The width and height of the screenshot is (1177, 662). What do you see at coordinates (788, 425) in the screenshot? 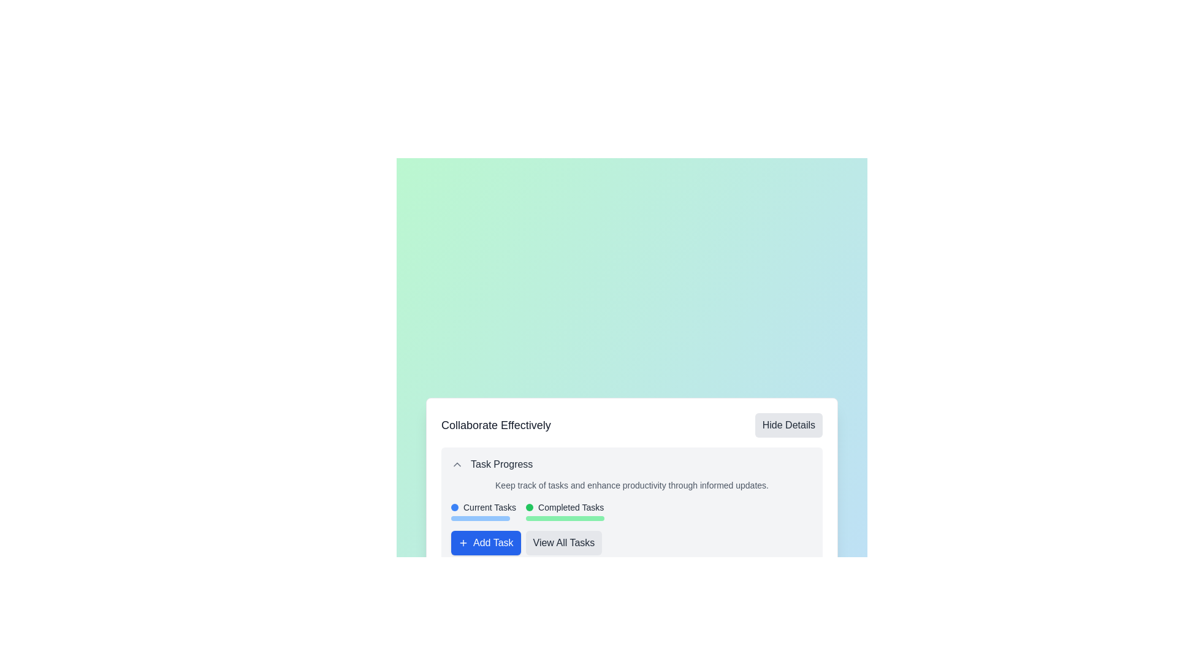
I see `the 'Hide Details' button, which is a rectangular button with a gray background and rounded corners, to observe the background color change to a lighter gray` at bounding box center [788, 425].